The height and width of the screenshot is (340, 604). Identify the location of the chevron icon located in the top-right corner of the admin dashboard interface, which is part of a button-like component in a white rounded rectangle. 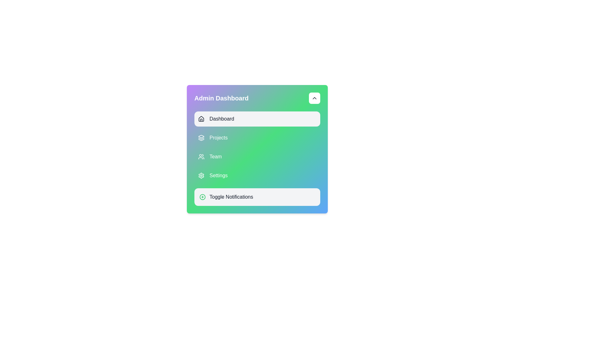
(314, 98).